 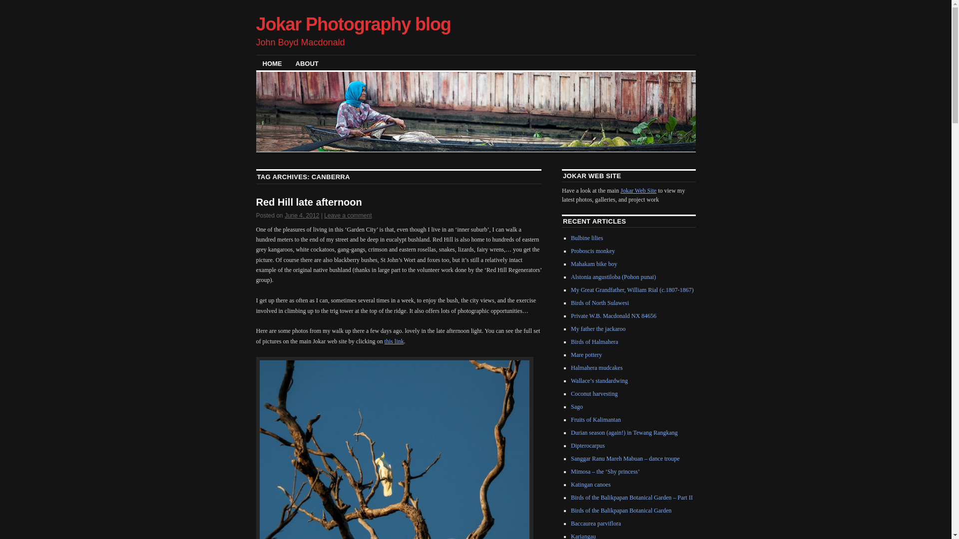 What do you see at coordinates (592, 250) in the screenshot?
I see `'Proboscis monkey'` at bounding box center [592, 250].